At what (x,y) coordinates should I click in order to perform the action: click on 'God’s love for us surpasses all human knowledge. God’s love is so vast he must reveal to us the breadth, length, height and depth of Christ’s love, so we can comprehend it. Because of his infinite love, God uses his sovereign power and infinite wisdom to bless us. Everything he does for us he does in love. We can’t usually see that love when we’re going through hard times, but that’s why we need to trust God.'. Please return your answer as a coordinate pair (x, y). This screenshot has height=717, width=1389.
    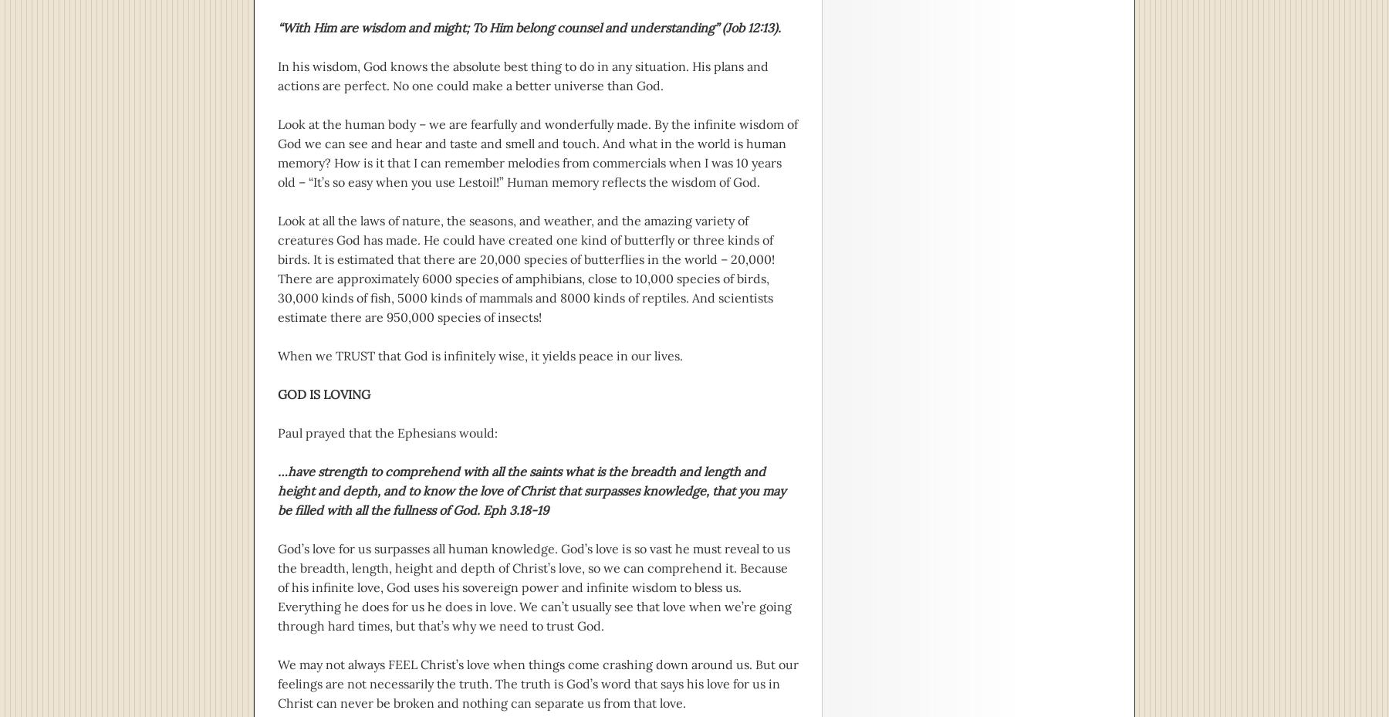
    Looking at the image, I should click on (534, 587).